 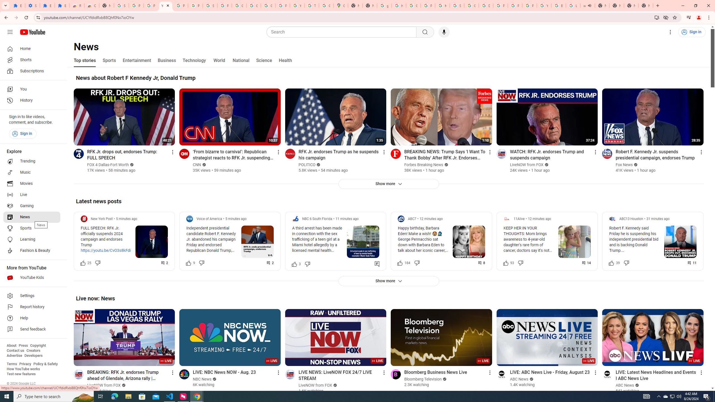 What do you see at coordinates (411, 219) in the screenshot?
I see `'ABC7'` at bounding box center [411, 219].